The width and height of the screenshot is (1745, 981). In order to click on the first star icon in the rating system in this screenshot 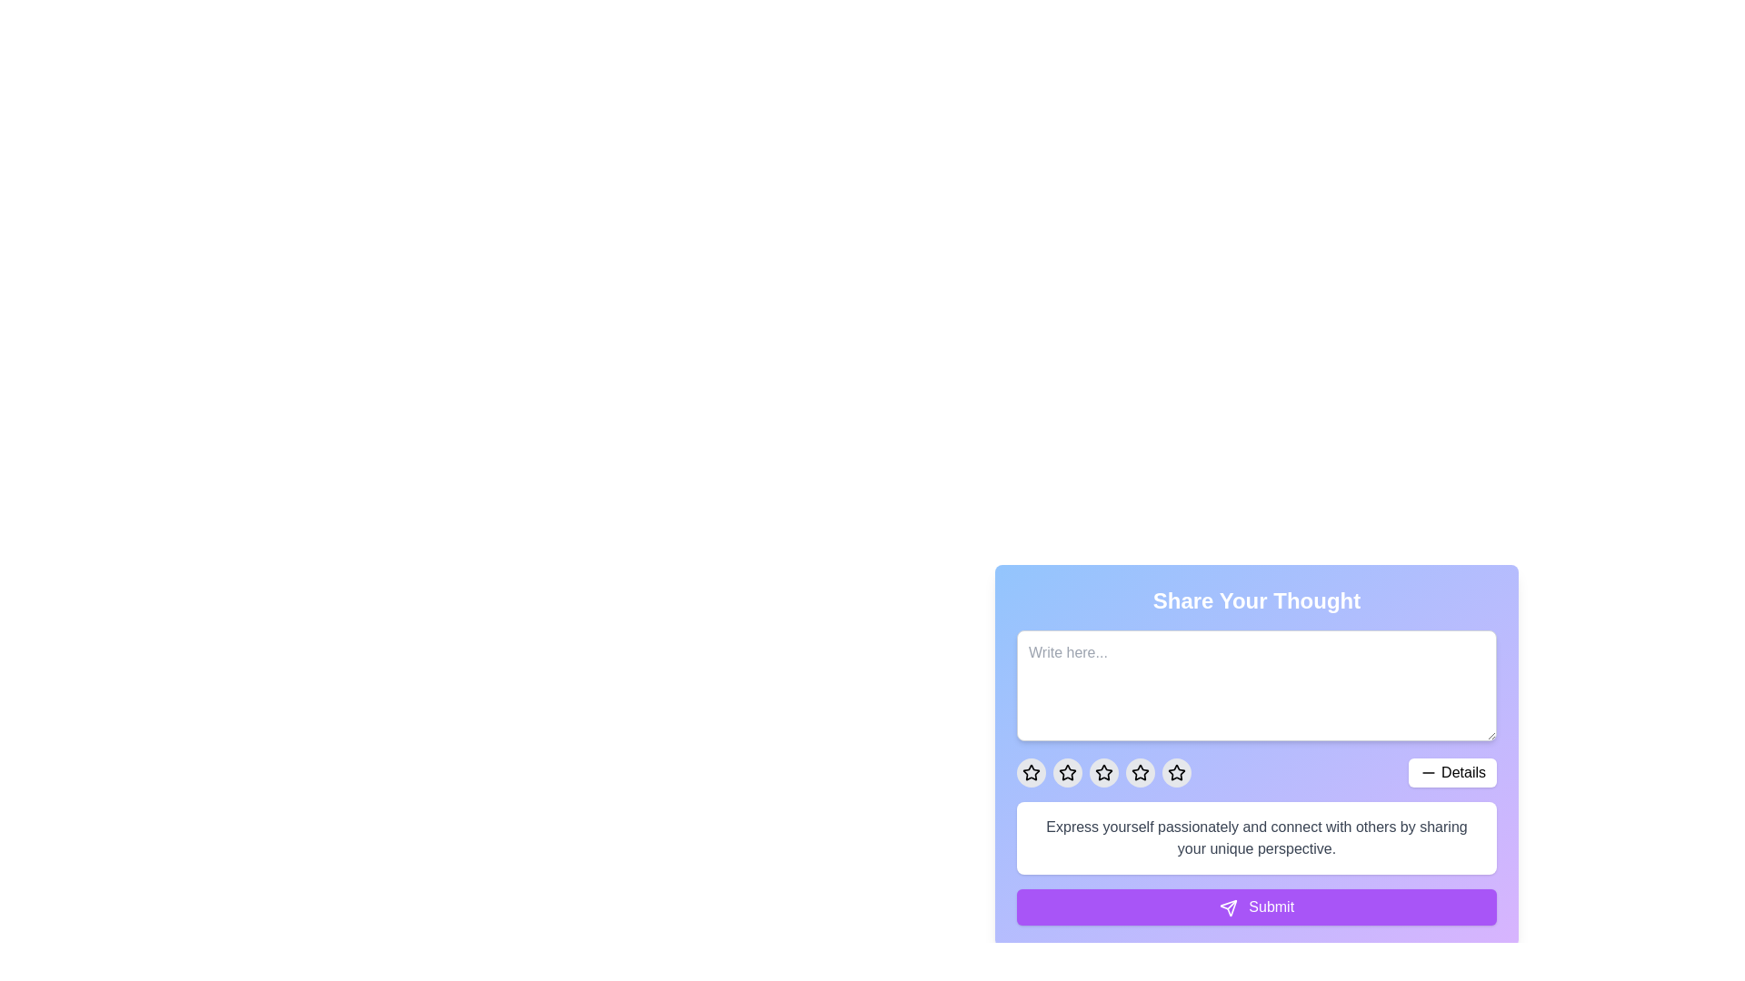, I will do `click(1031, 773)`.